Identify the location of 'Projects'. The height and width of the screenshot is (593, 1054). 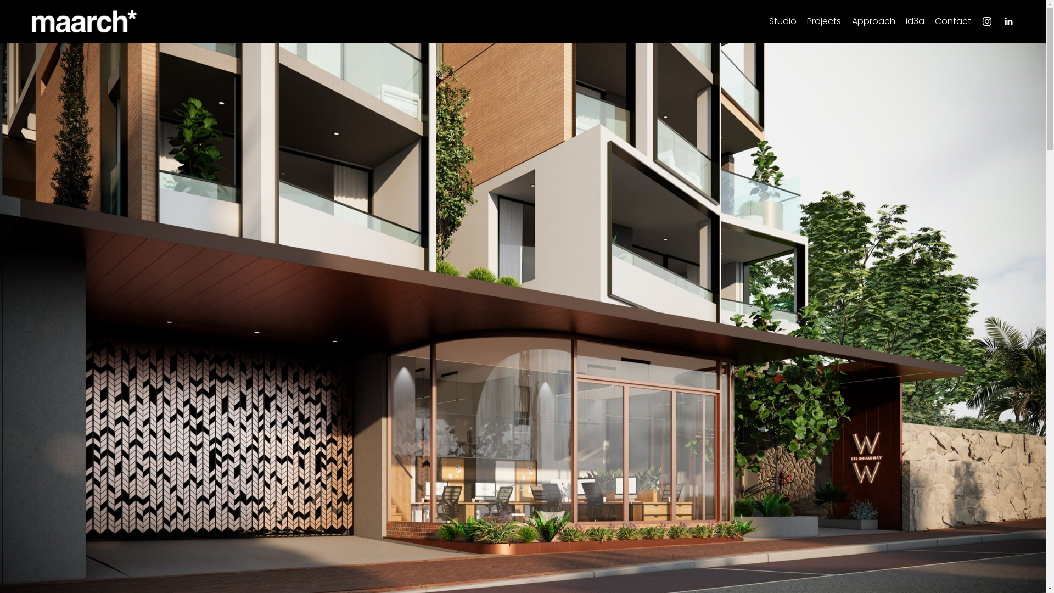
(824, 21).